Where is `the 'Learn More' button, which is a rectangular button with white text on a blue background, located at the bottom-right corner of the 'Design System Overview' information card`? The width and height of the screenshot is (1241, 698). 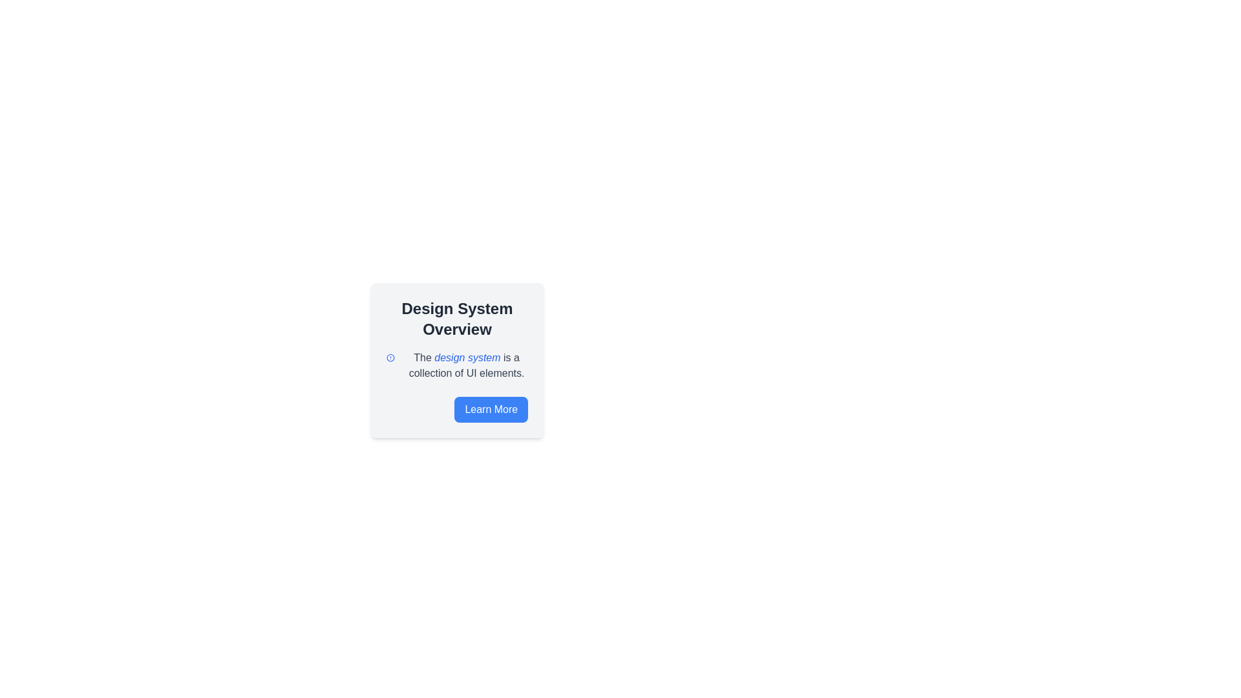 the 'Learn More' button, which is a rectangular button with white text on a blue background, located at the bottom-right corner of the 'Design System Overview' information card is located at coordinates (491, 409).